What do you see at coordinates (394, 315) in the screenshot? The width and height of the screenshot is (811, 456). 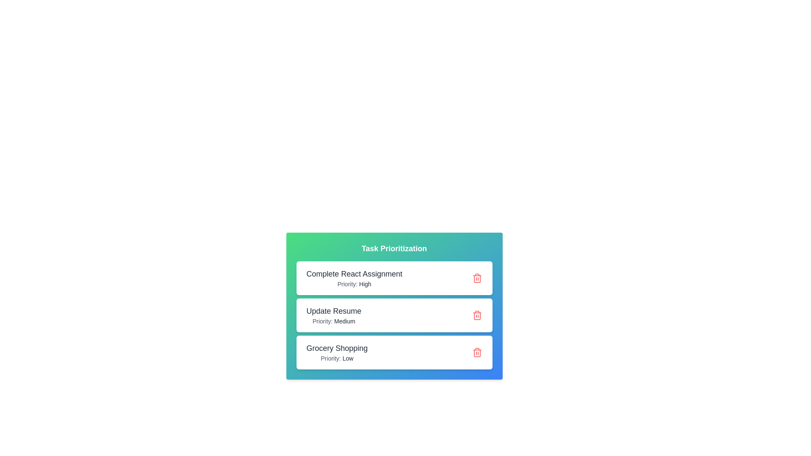 I see `the task chip corresponding to Update Resume to view its details` at bounding box center [394, 315].